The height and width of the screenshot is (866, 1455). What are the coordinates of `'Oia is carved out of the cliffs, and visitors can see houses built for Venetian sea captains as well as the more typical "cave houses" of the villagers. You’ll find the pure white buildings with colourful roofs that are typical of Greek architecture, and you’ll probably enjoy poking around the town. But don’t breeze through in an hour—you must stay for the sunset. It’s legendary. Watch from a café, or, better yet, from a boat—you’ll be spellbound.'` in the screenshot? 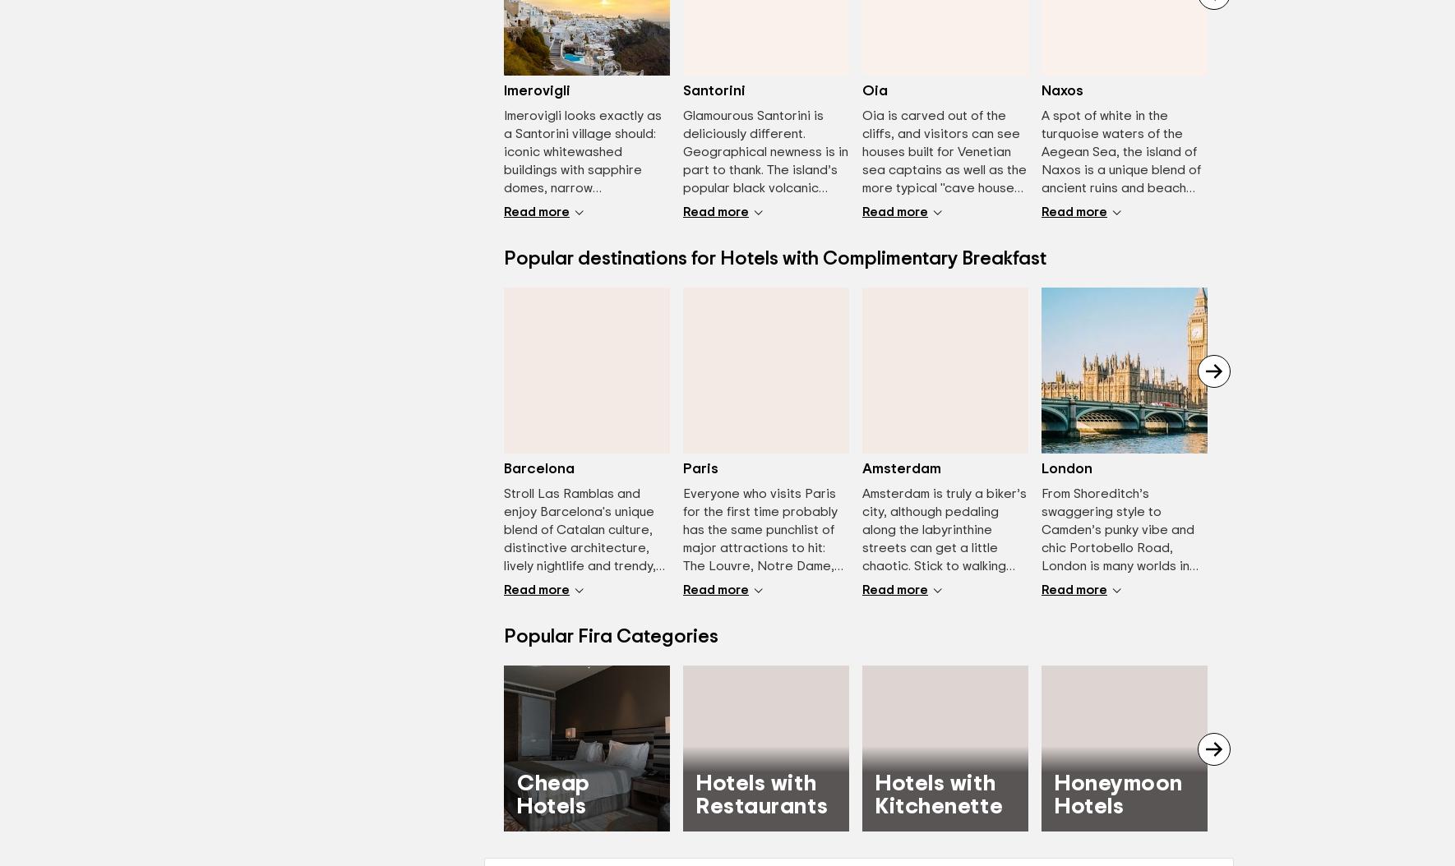 It's located at (862, 269).